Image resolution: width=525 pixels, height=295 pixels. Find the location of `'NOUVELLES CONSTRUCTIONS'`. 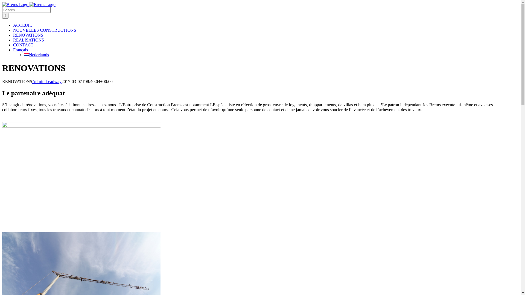

'NOUVELLES CONSTRUCTIONS' is located at coordinates (45, 30).